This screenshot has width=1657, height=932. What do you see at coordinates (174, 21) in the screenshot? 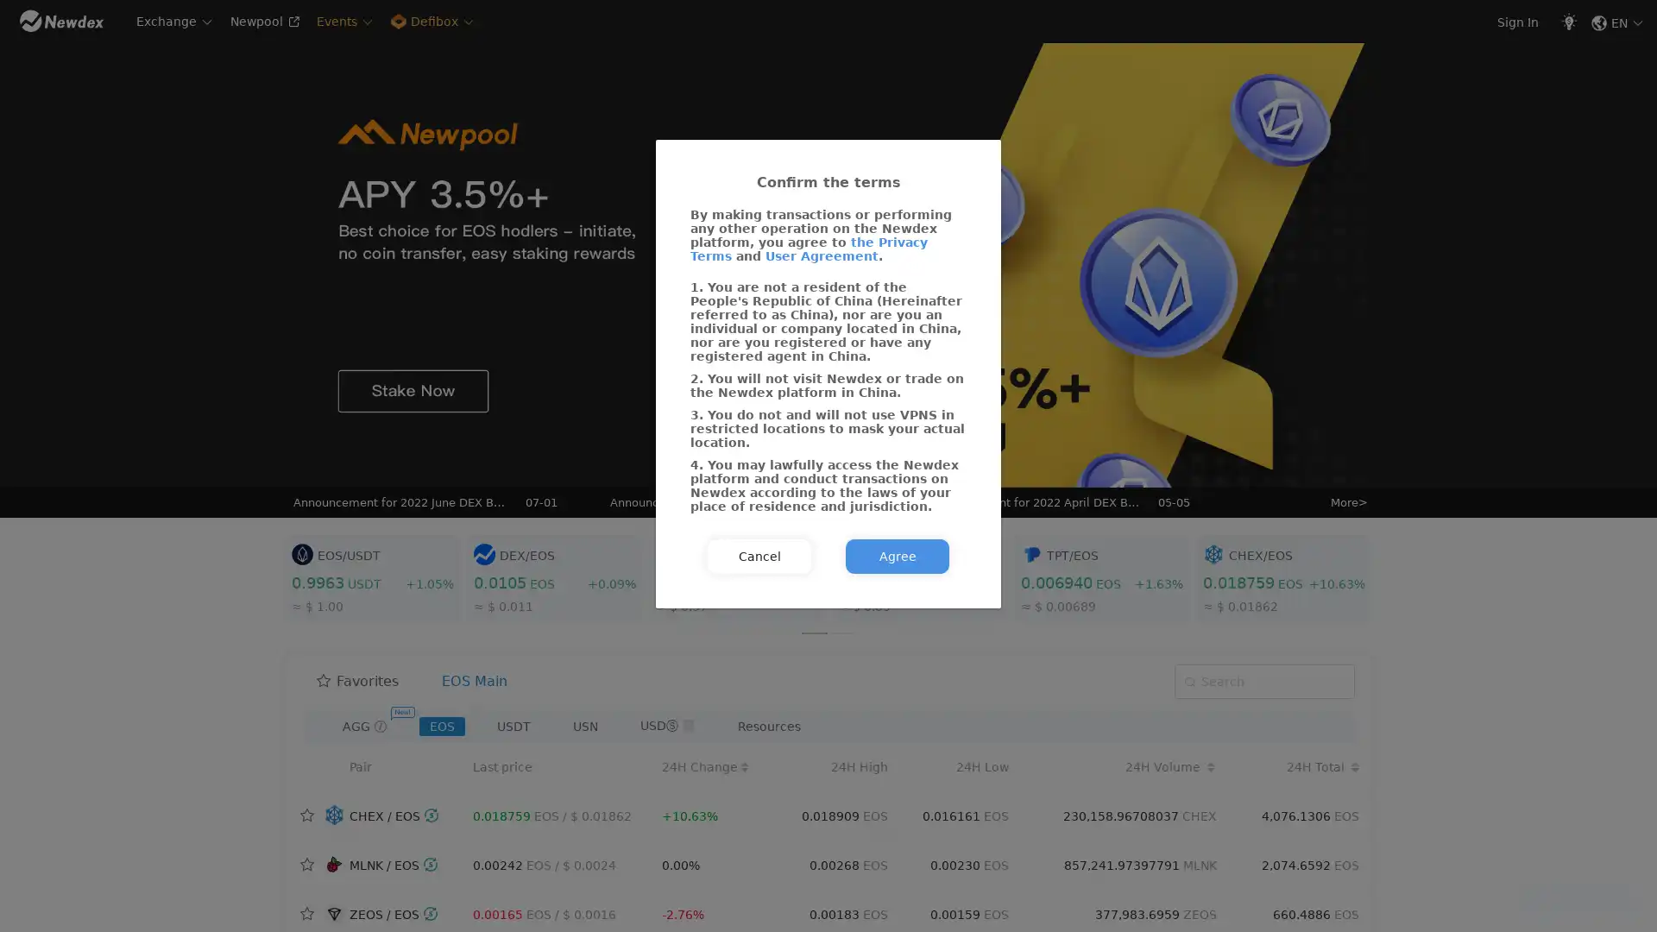
I see `Exchange` at bounding box center [174, 21].